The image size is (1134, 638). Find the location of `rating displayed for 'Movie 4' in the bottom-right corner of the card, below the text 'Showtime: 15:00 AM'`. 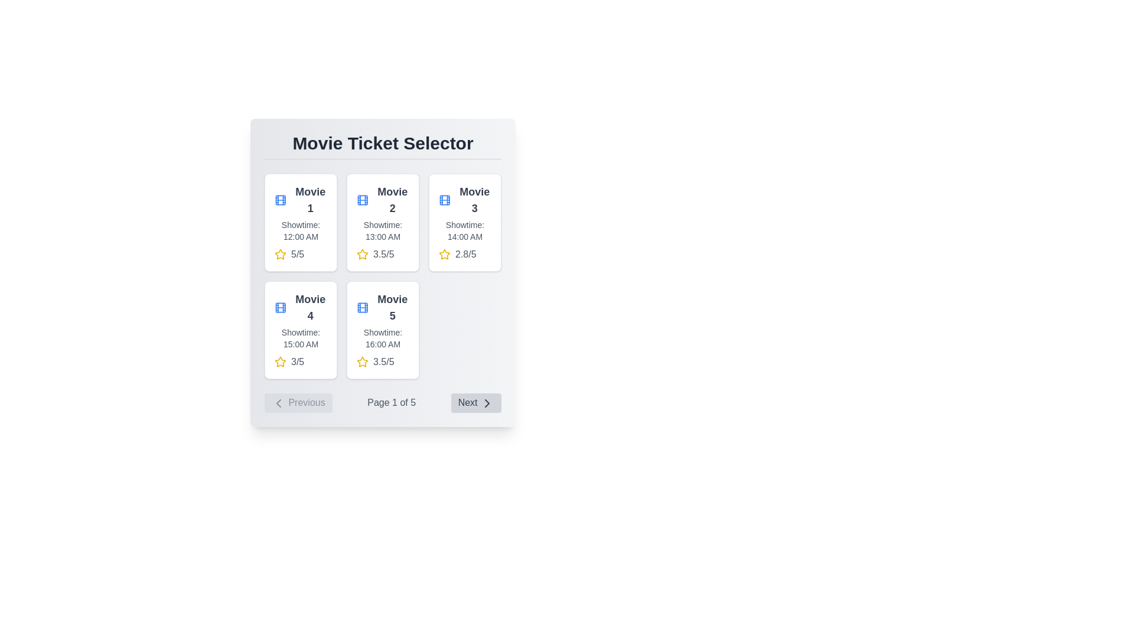

rating displayed for 'Movie 4' in the bottom-right corner of the card, below the text 'Showtime: 15:00 AM' is located at coordinates (301, 362).